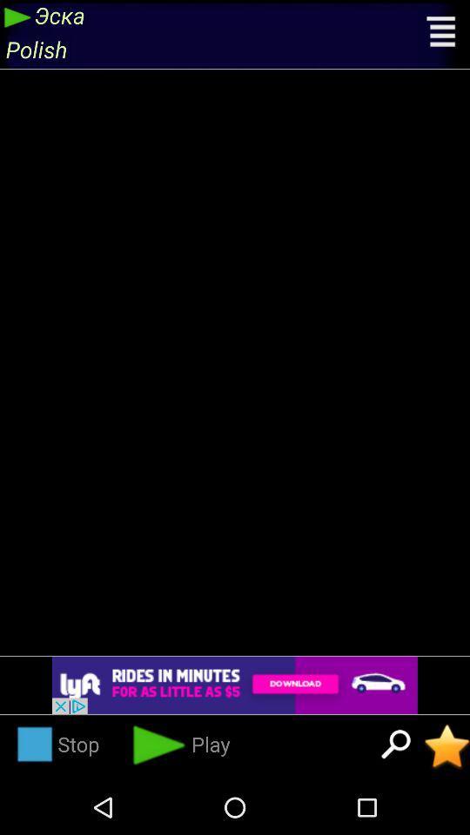 This screenshot has width=470, height=835. I want to click on search, so click(396, 745).